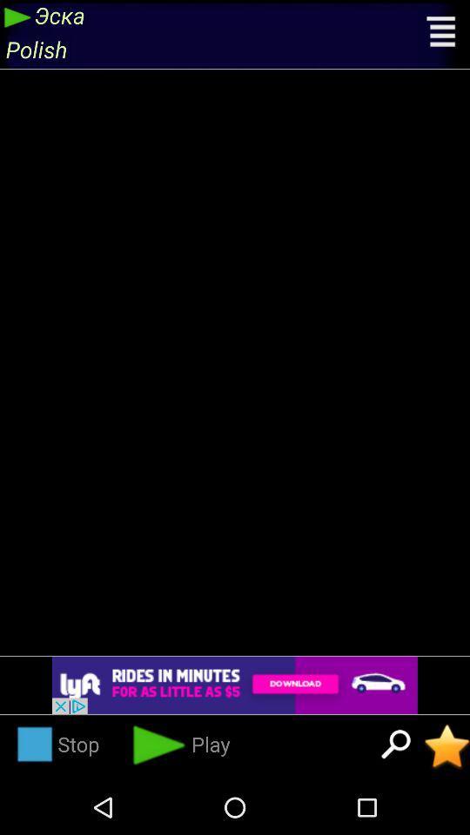 This screenshot has width=470, height=835. I want to click on search, so click(396, 745).